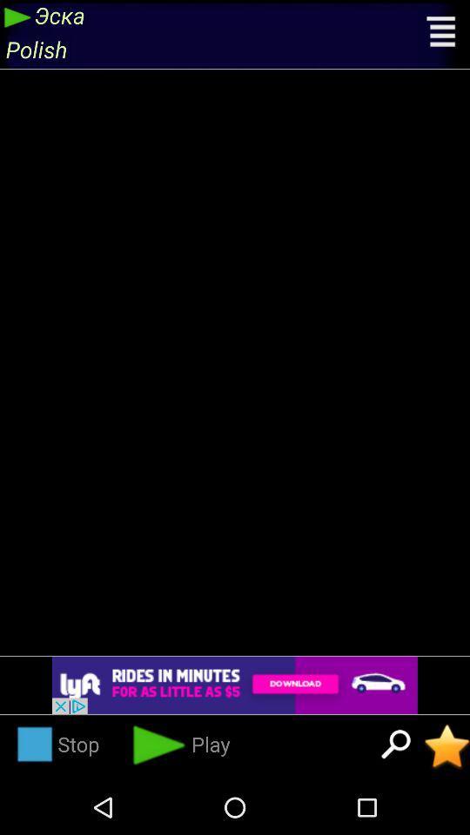 This screenshot has width=470, height=835. I want to click on search, so click(396, 745).